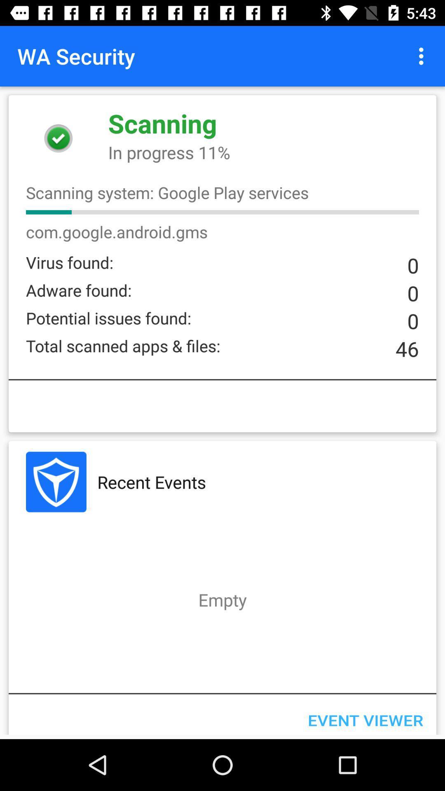  What do you see at coordinates (423, 56) in the screenshot?
I see `icon at the top right corner` at bounding box center [423, 56].